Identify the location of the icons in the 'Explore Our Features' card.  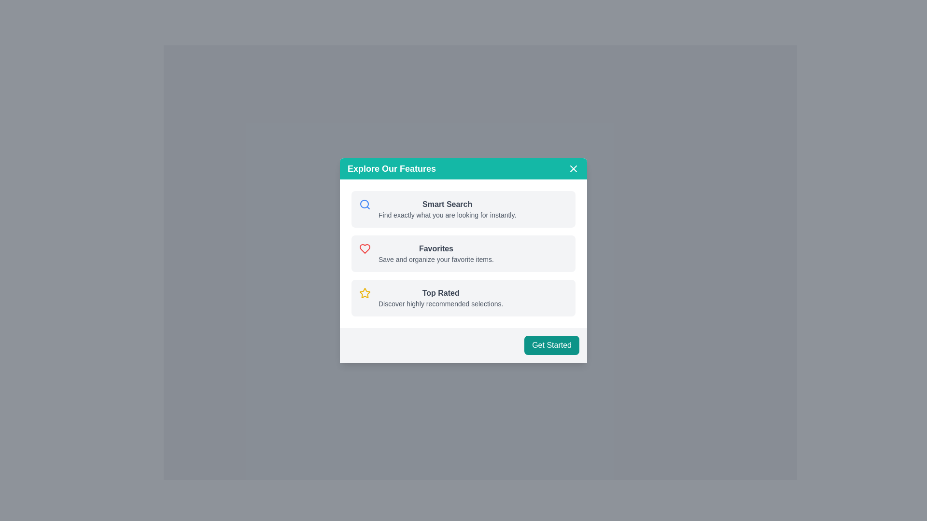
(463, 260).